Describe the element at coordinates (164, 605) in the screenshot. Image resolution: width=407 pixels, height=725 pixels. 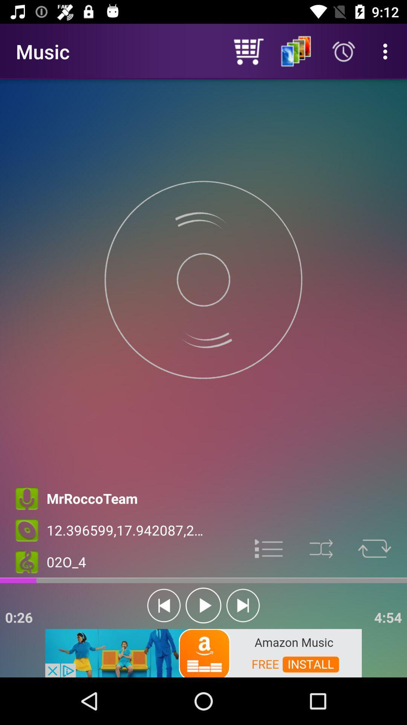
I see `rewind track` at that location.